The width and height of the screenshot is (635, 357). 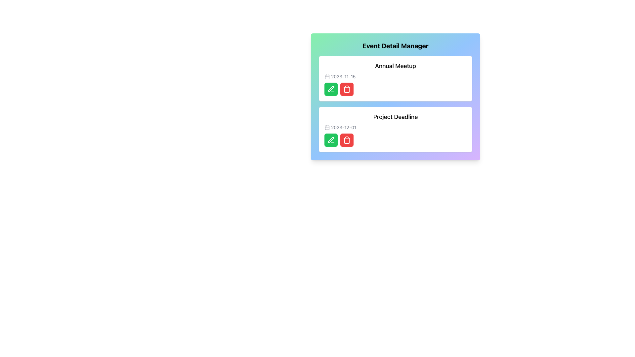 I want to click on the panel with a gradient background that groups event-related data, so click(x=395, y=97).